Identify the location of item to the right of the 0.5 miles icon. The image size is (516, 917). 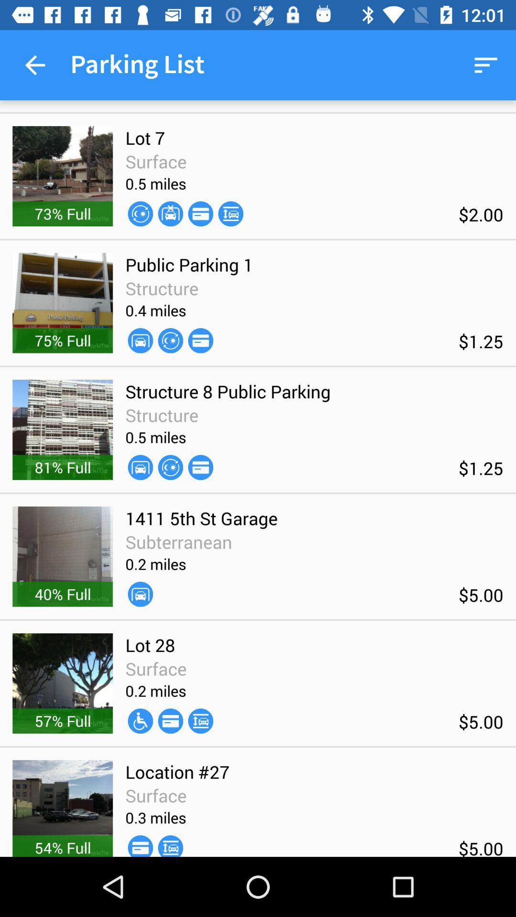
(200, 467).